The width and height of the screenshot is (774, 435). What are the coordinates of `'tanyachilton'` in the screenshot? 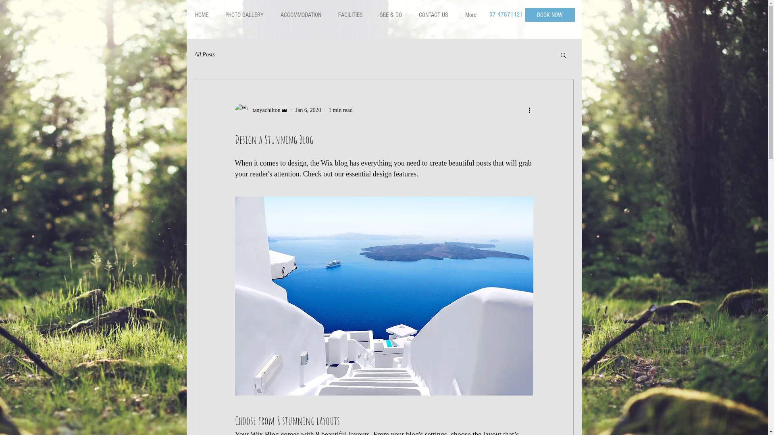 It's located at (261, 110).